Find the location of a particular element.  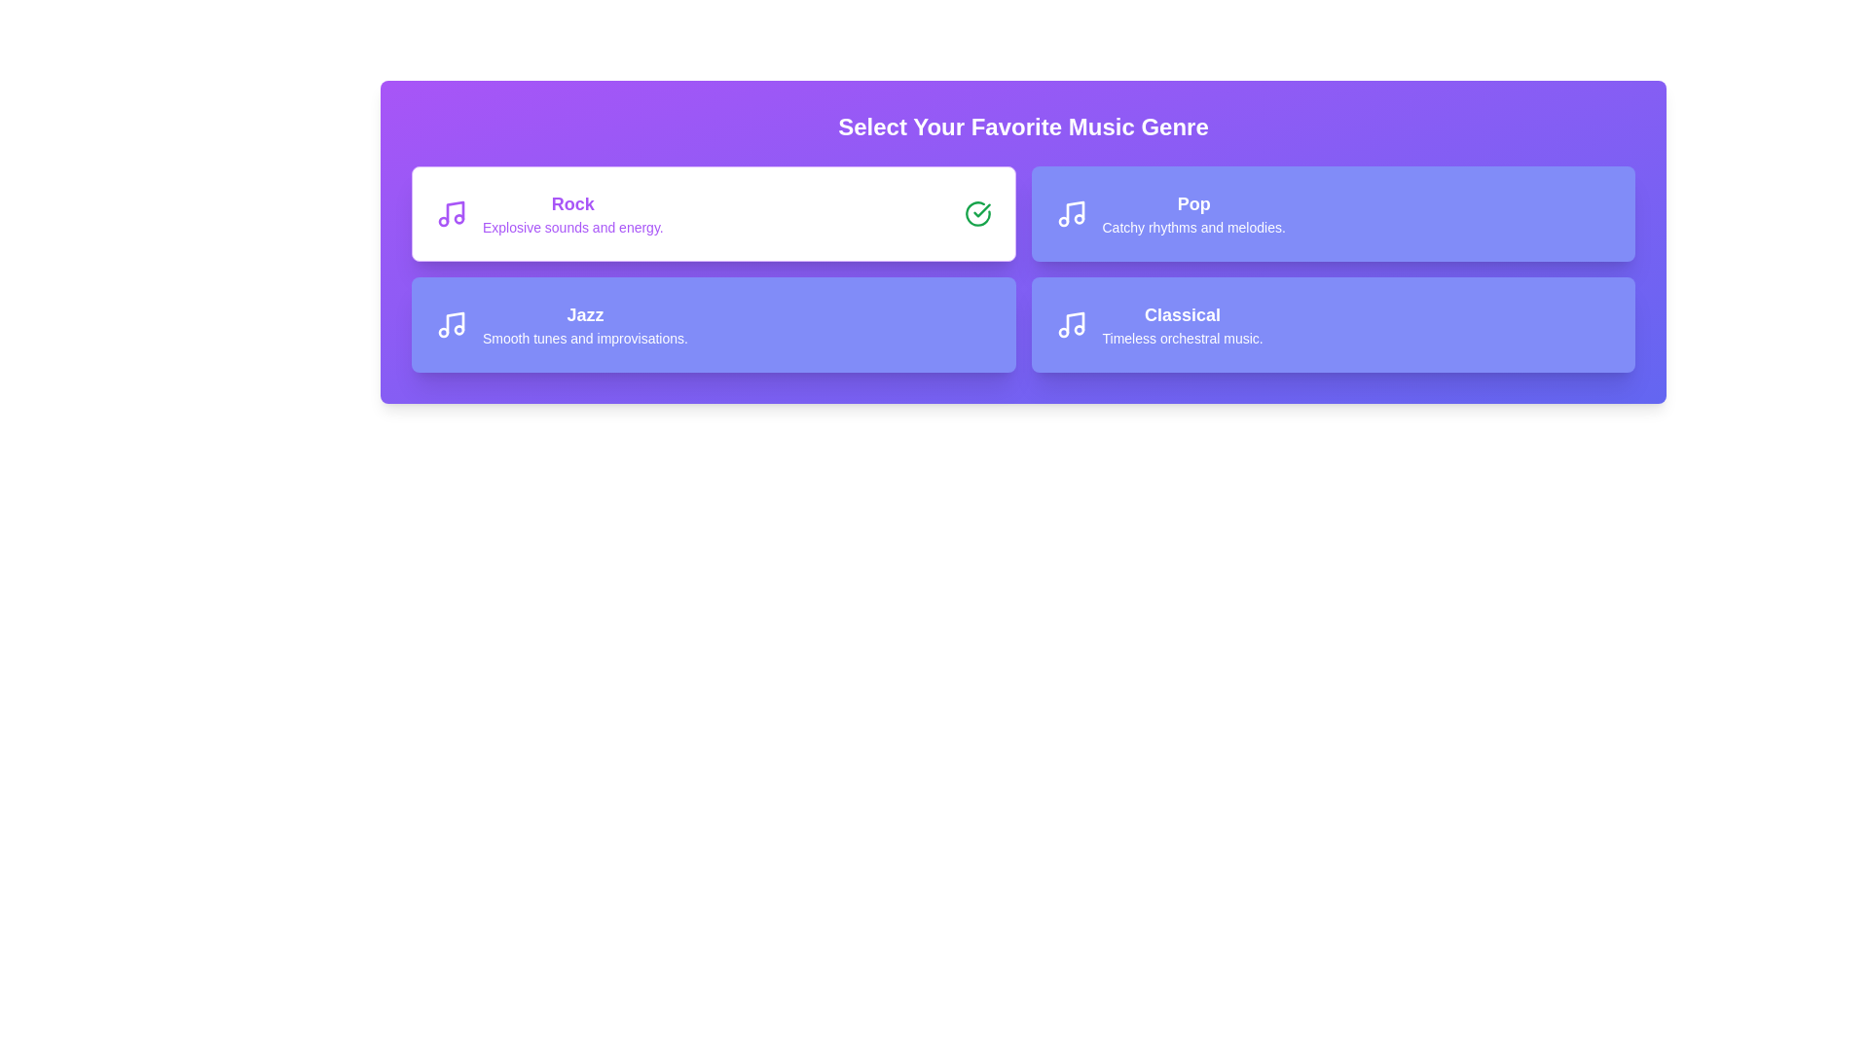

the text block containing the heading 'Classical' and the subtitle 'Timeless orchestral music.' which is part of the genre selection card in the bottom-right quadrant is located at coordinates (1182, 324).